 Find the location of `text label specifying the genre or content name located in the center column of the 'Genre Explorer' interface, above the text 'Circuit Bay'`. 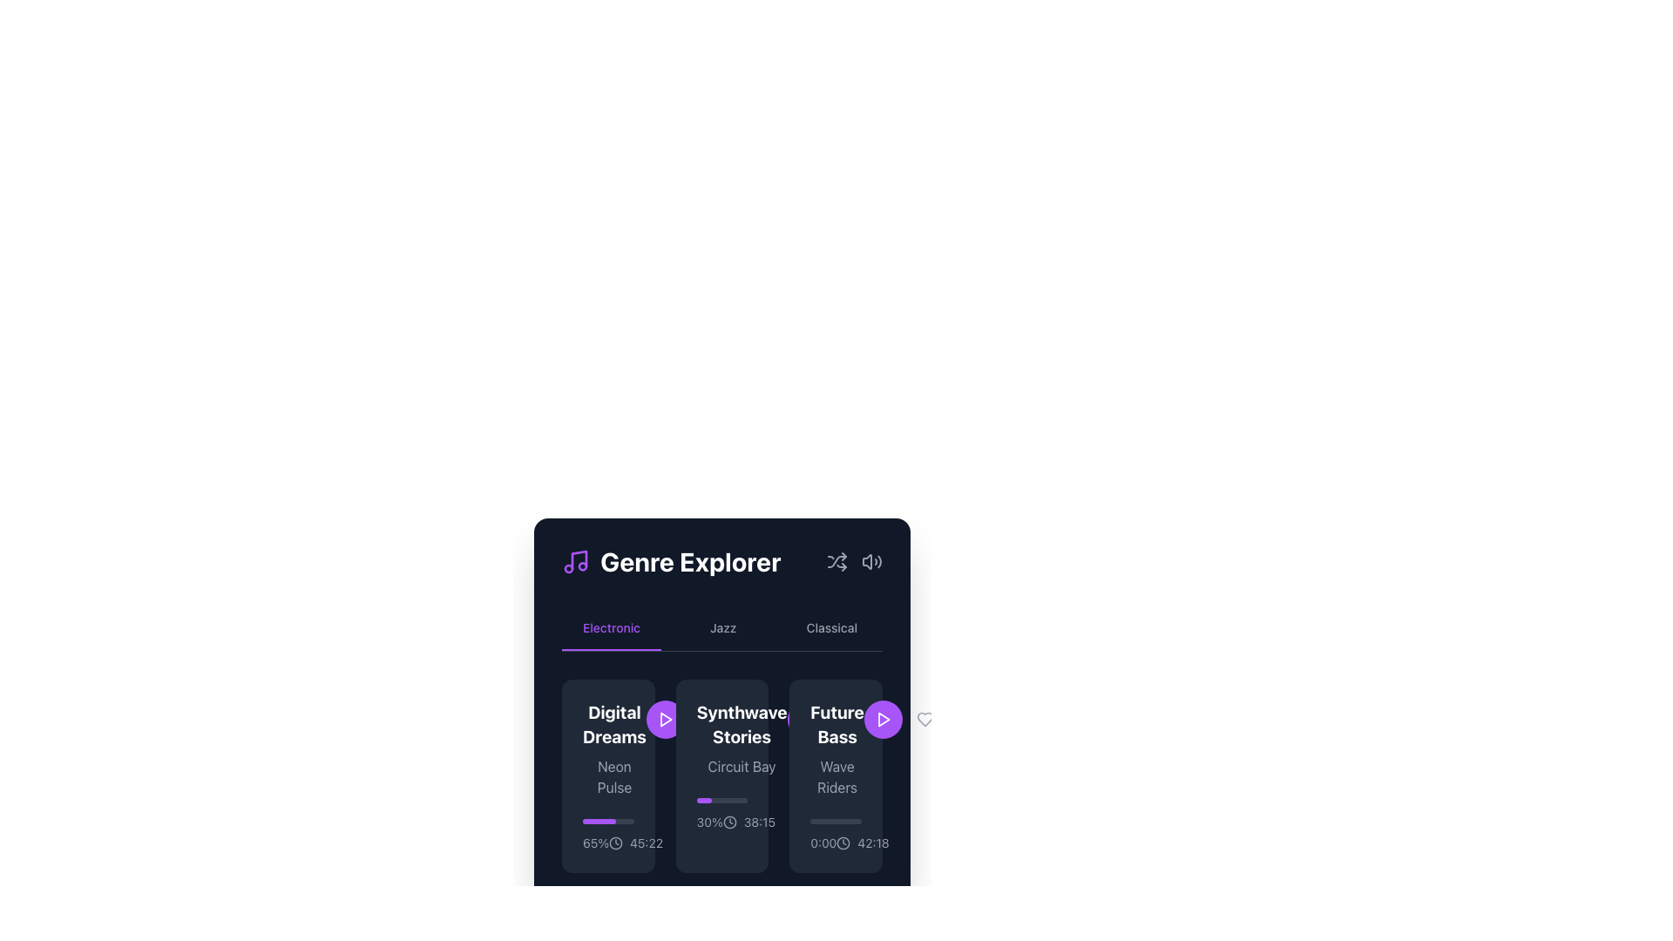

text label specifying the genre or content name located in the center column of the 'Genre Explorer' interface, above the text 'Circuit Bay' is located at coordinates (742, 725).